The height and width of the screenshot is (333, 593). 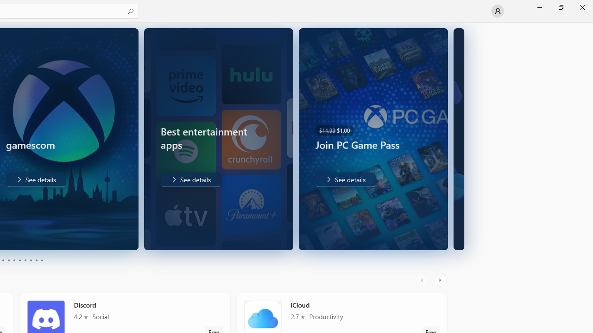 I want to click on 'Page 4', so click(x=8, y=260).